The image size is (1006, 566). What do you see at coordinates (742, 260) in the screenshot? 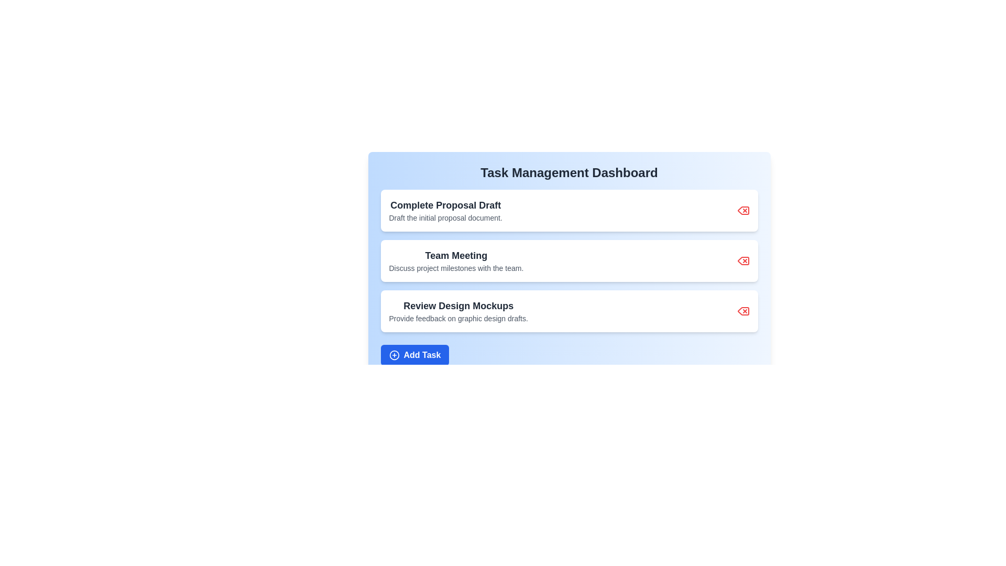
I see `delete button for the task with title 'Team Meeting'` at bounding box center [742, 260].